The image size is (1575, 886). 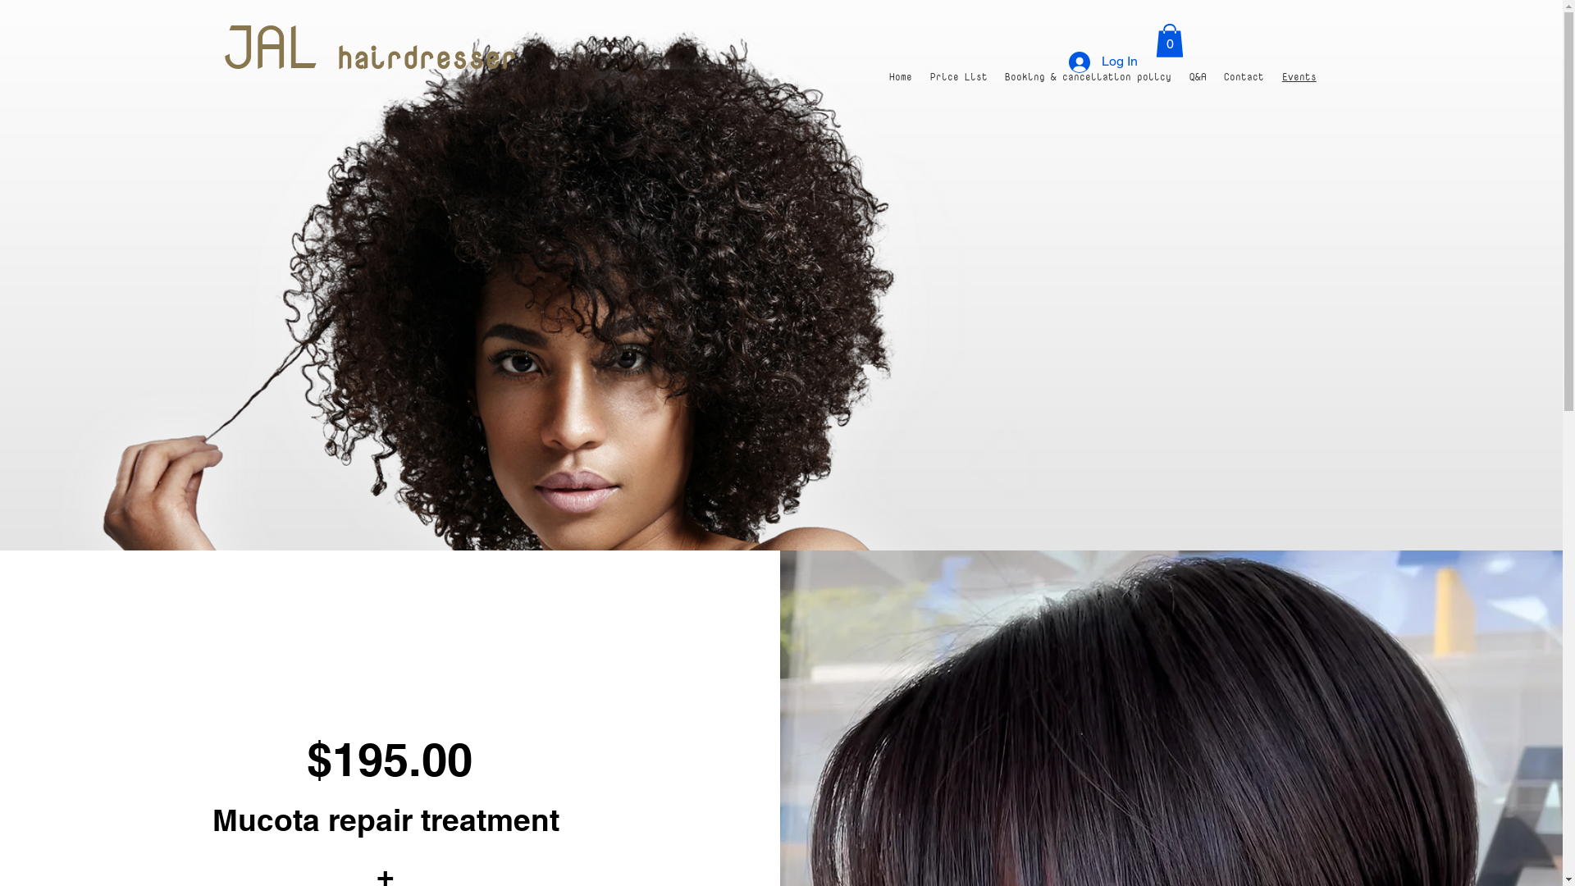 I want to click on 'Booking & cancellation policy', so click(x=995, y=76).